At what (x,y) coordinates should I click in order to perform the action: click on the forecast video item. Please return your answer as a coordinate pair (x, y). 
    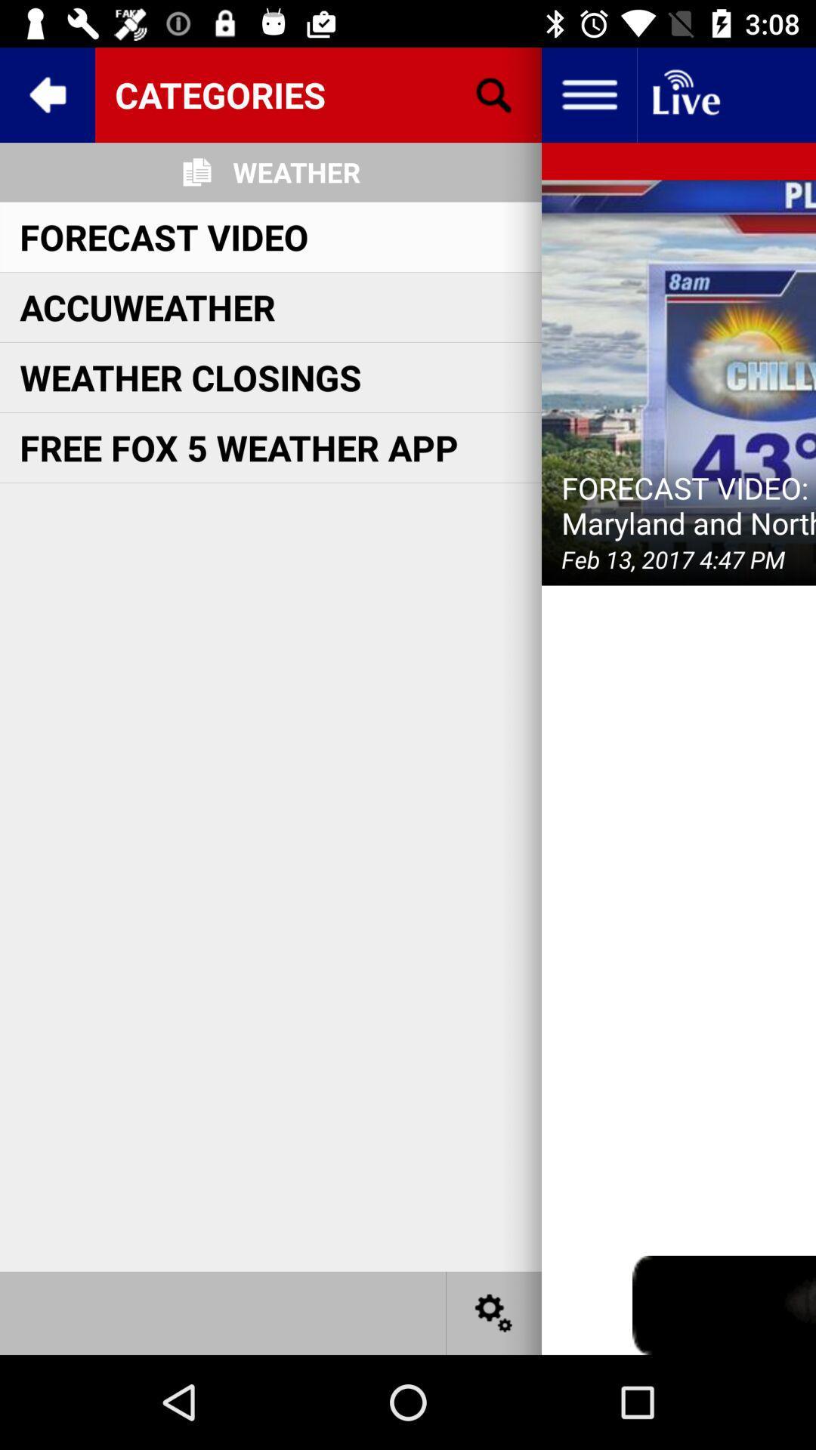
    Looking at the image, I should click on (164, 236).